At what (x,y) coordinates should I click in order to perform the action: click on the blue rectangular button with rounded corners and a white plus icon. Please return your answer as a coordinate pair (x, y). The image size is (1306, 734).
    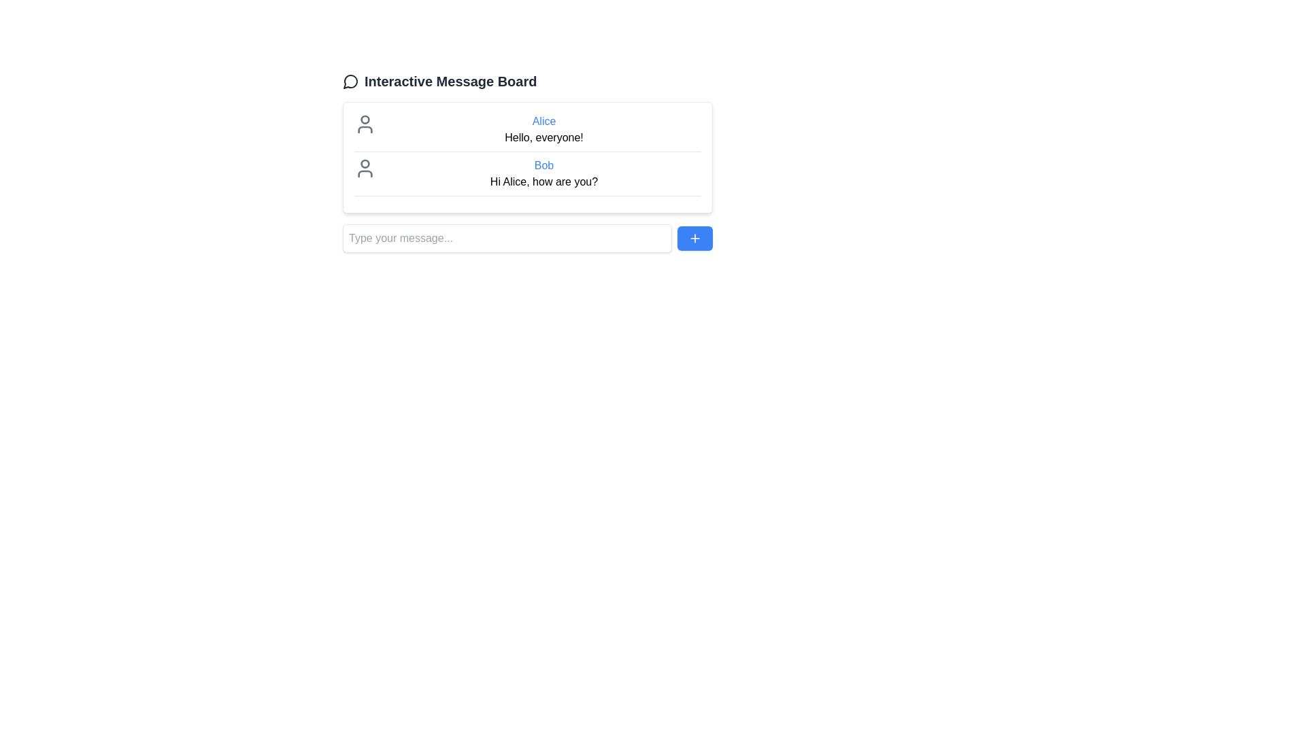
    Looking at the image, I should click on (695, 238).